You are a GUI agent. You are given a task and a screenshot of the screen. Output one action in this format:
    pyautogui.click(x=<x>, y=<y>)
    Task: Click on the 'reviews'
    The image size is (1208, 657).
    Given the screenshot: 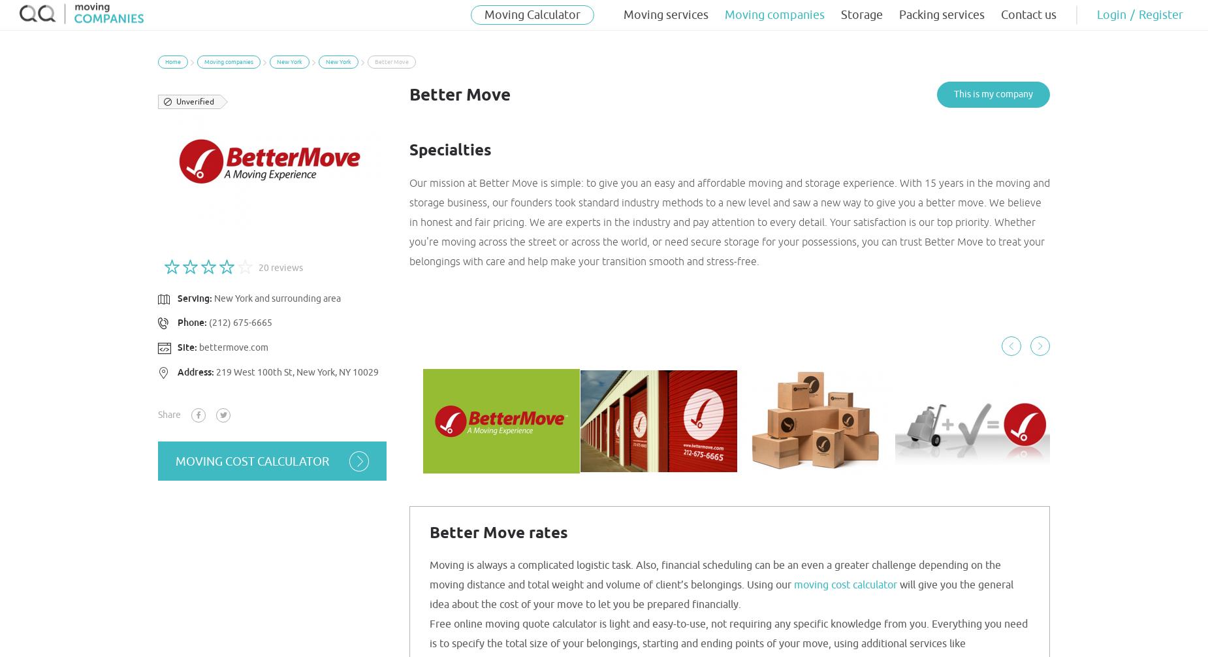 What is the action you would take?
    pyautogui.click(x=285, y=267)
    